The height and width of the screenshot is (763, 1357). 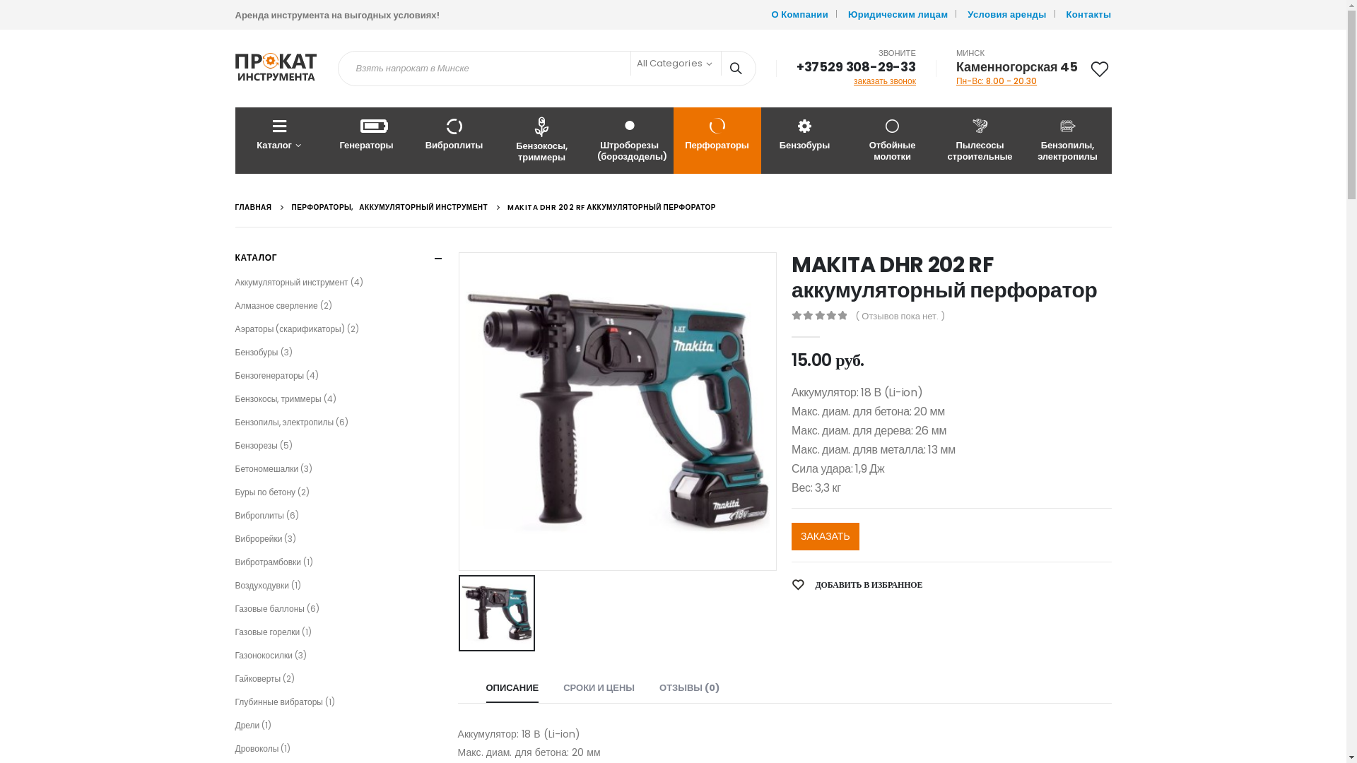 I want to click on 'Search', so click(x=722, y=68).